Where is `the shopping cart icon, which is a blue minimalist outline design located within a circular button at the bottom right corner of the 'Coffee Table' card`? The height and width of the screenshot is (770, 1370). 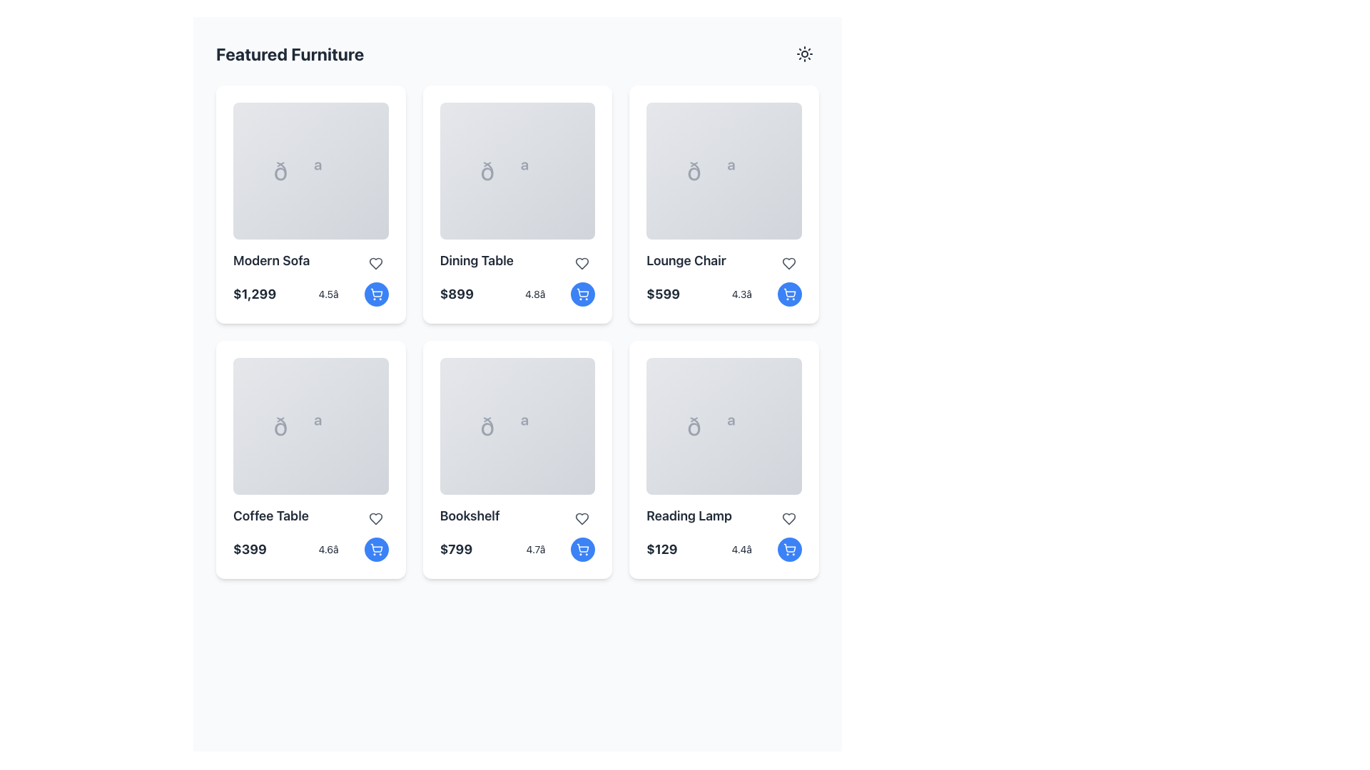
the shopping cart icon, which is a blue minimalist outline design located within a circular button at the bottom right corner of the 'Coffee Table' card is located at coordinates (376, 547).